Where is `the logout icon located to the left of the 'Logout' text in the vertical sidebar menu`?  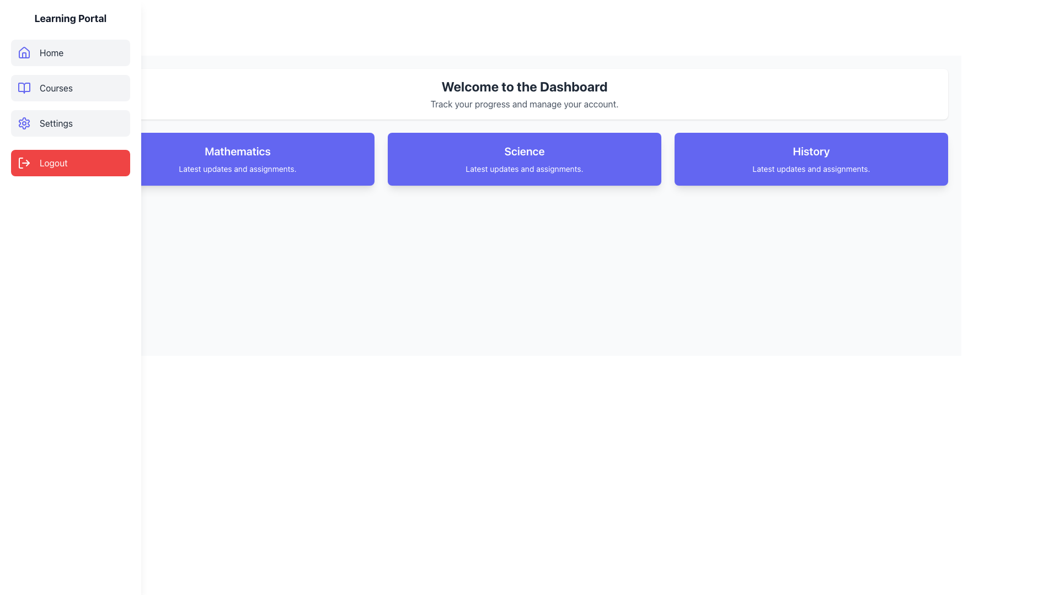
the logout icon located to the left of the 'Logout' text in the vertical sidebar menu is located at coordinates (24, 163).